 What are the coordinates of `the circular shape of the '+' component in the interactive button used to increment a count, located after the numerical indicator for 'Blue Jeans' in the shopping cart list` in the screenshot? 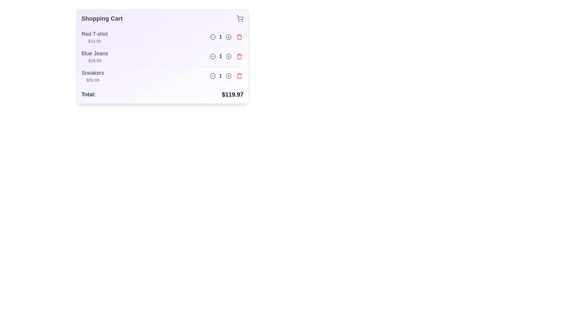 It's located at (228, 37).